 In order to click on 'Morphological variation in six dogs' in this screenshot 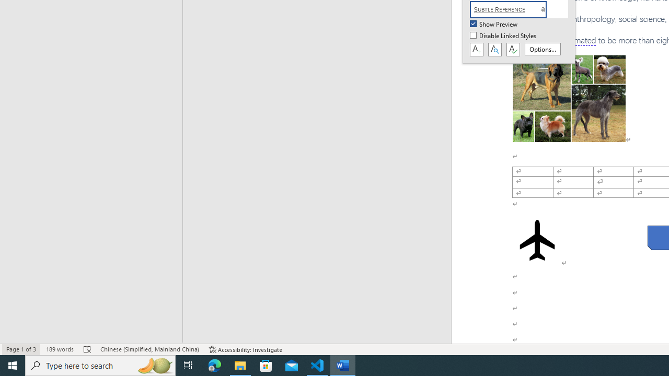, I will do `click(568, 99)`.